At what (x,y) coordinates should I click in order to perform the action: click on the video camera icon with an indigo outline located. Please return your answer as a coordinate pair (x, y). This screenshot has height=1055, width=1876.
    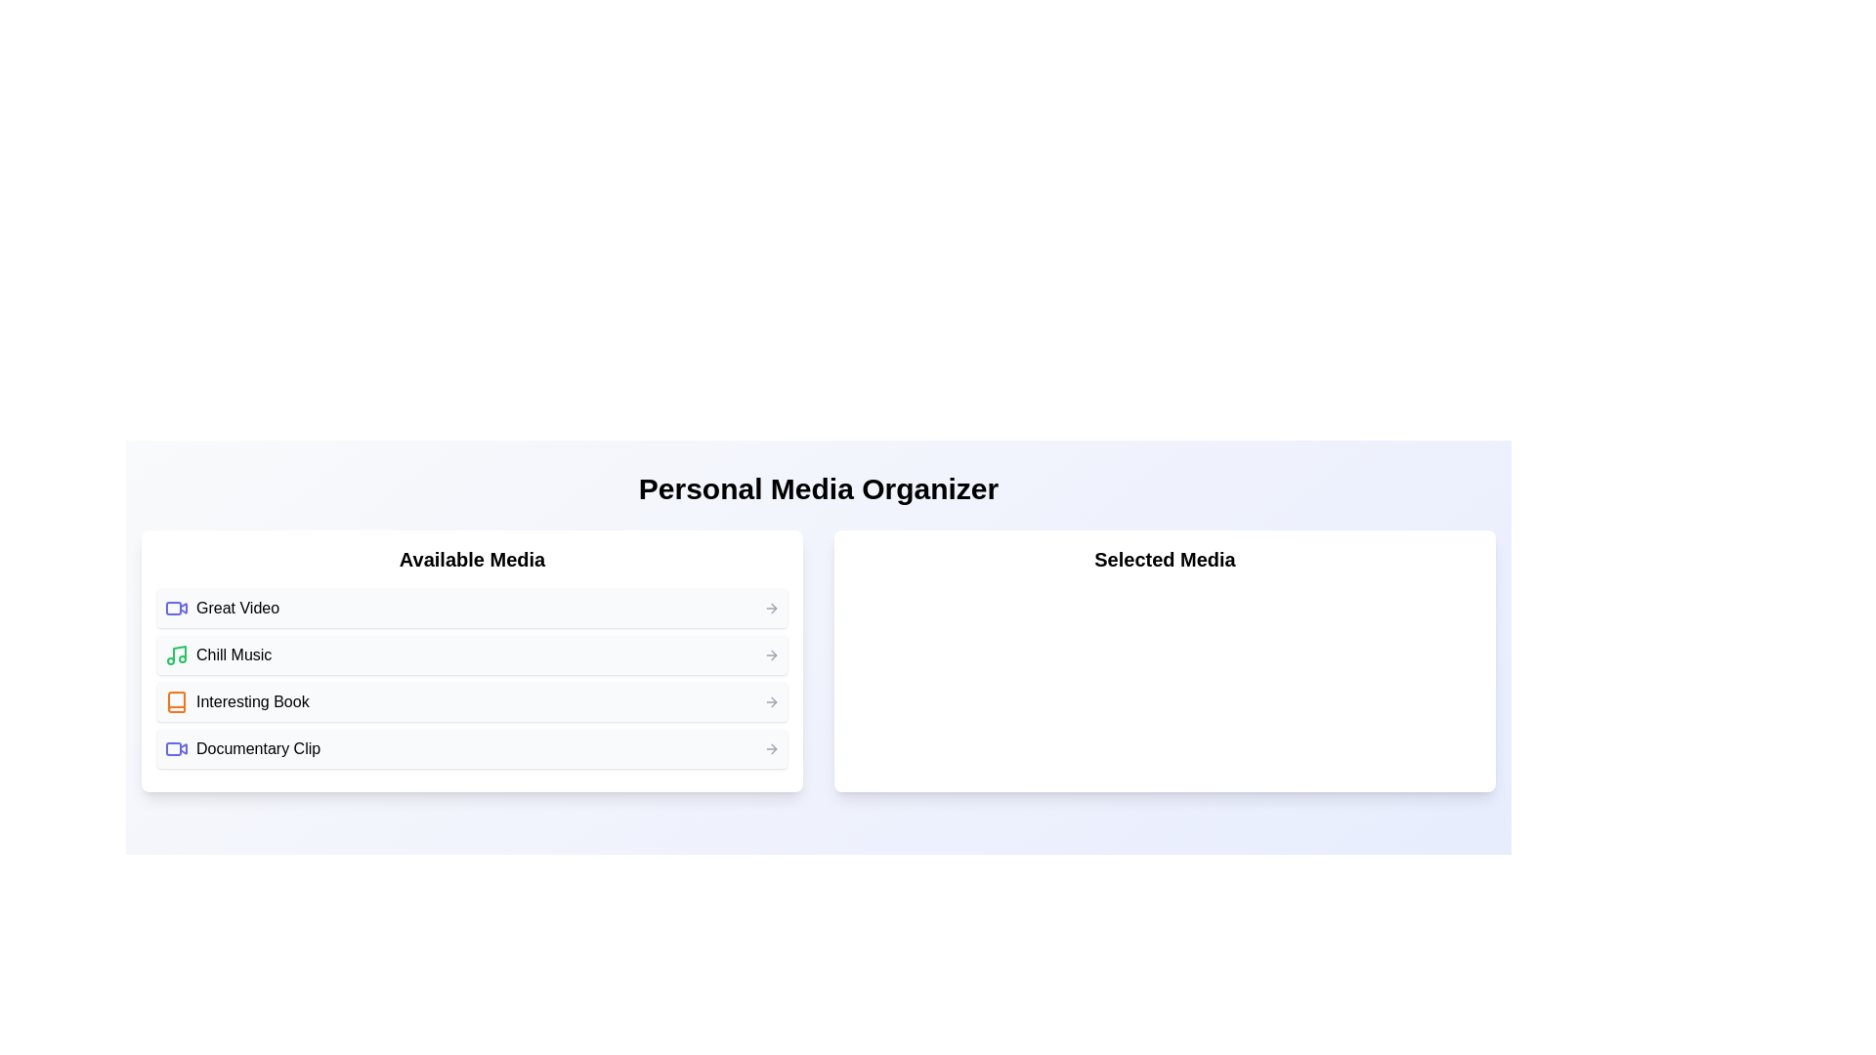
    Looking at the image, I should click on (177, 608).